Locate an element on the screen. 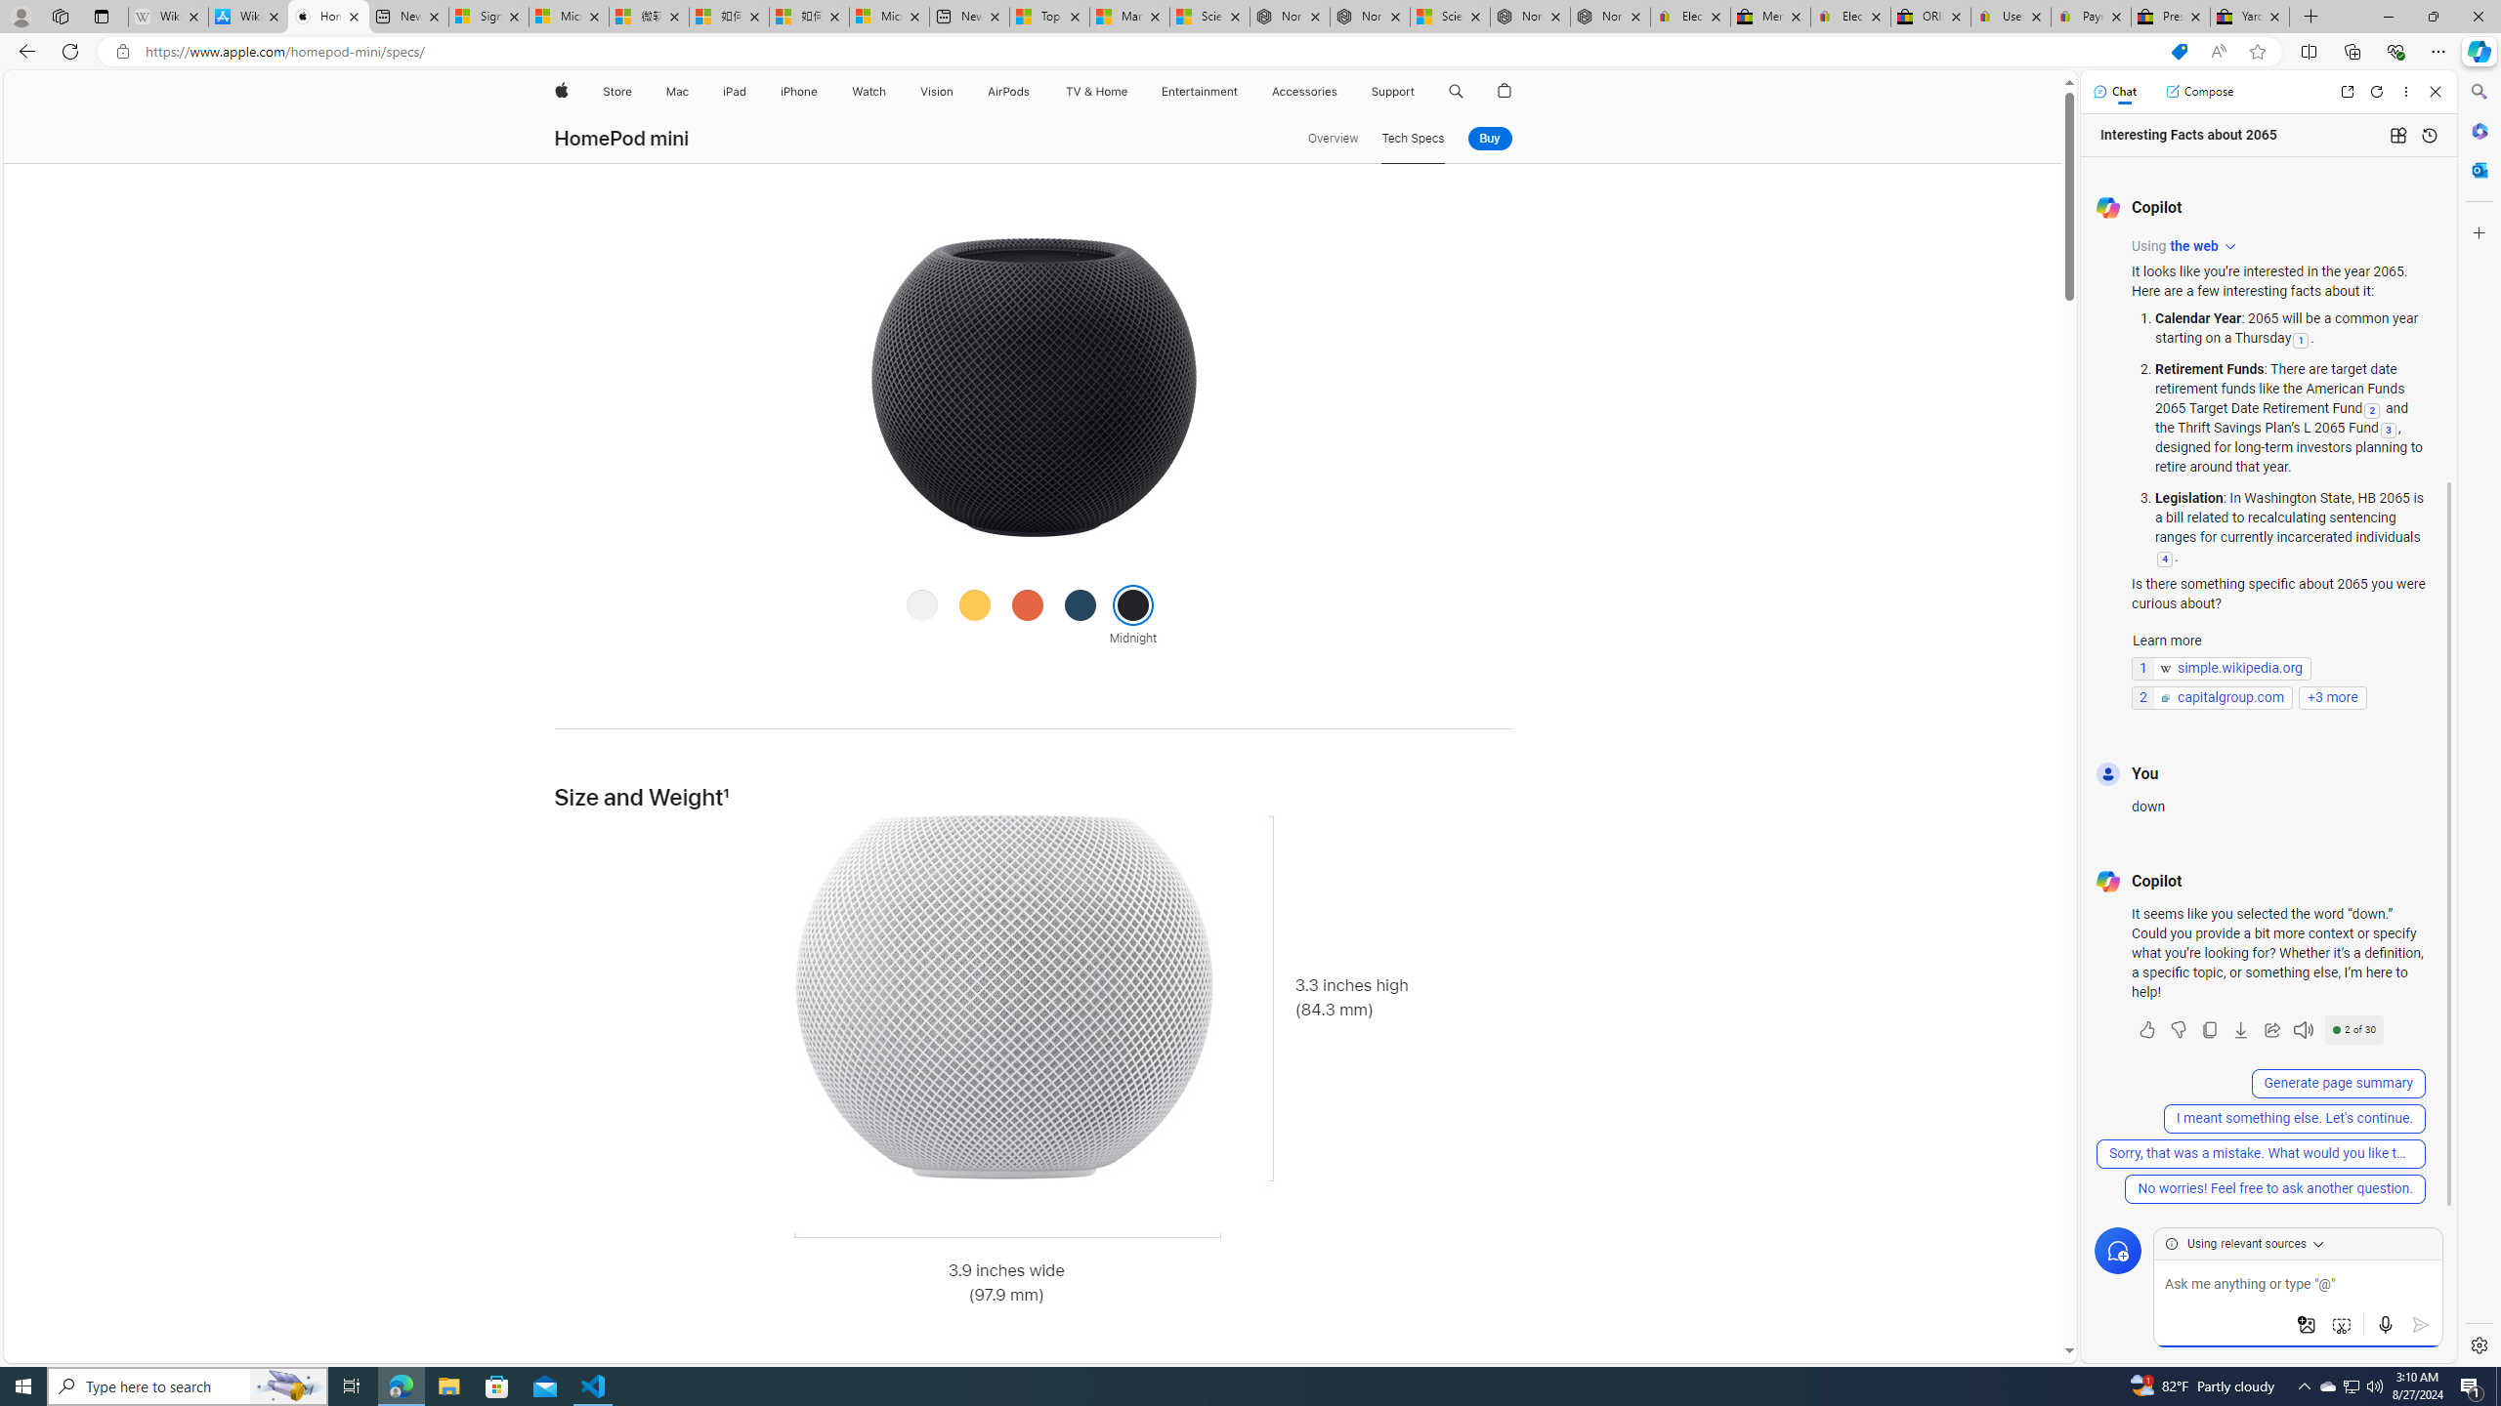 The image size is (2501, 1406). 'iPhone menu' is located at coordinates (820, 91).